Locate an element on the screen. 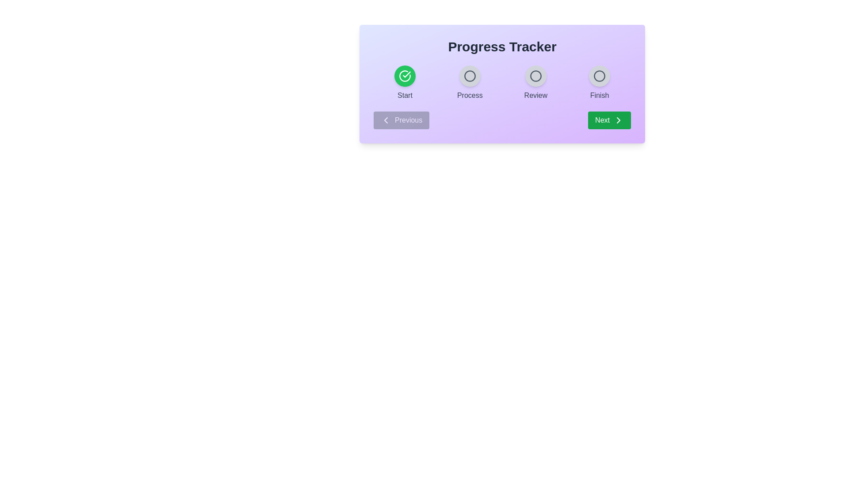 The image size is (849, 478). the green 'Next' button with rounded corners that has white text and a rightward chevron icon is located at coordinates (608, 120).